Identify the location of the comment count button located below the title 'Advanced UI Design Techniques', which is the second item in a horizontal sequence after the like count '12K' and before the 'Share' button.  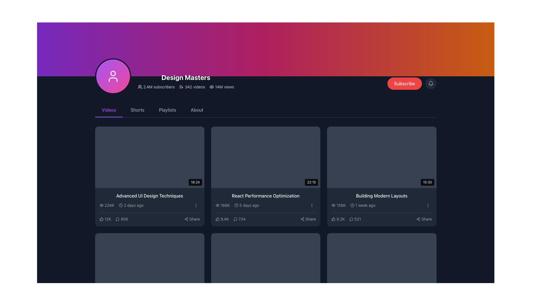
(122, 219).